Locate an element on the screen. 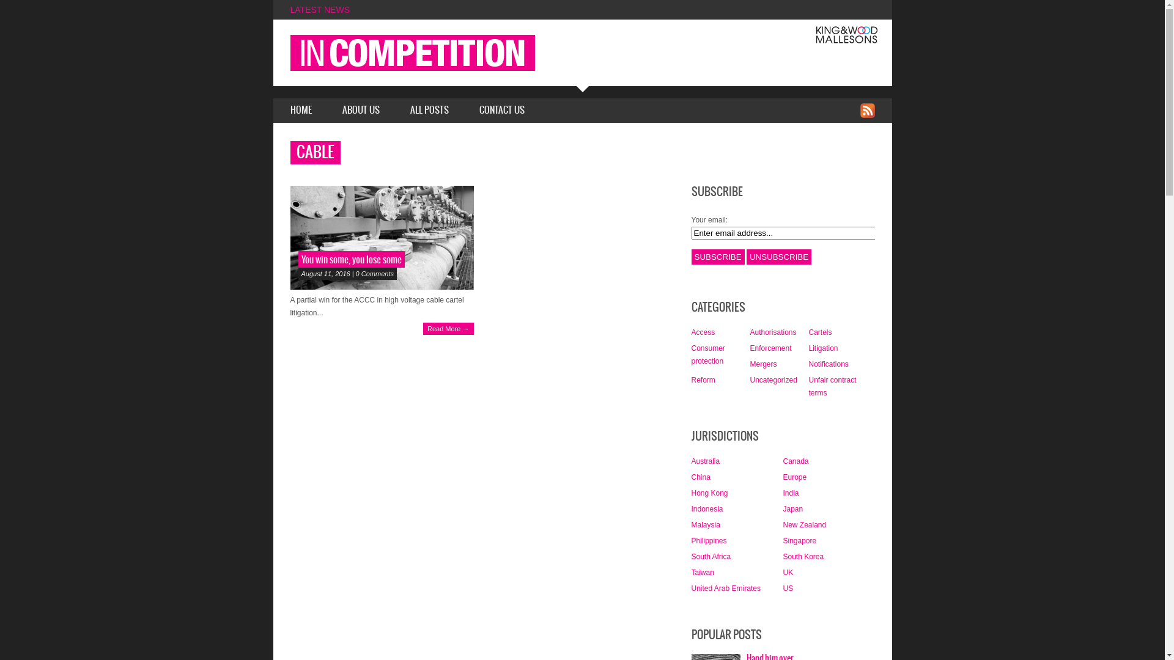  'Cartels' is located at coordinates (819, 332).